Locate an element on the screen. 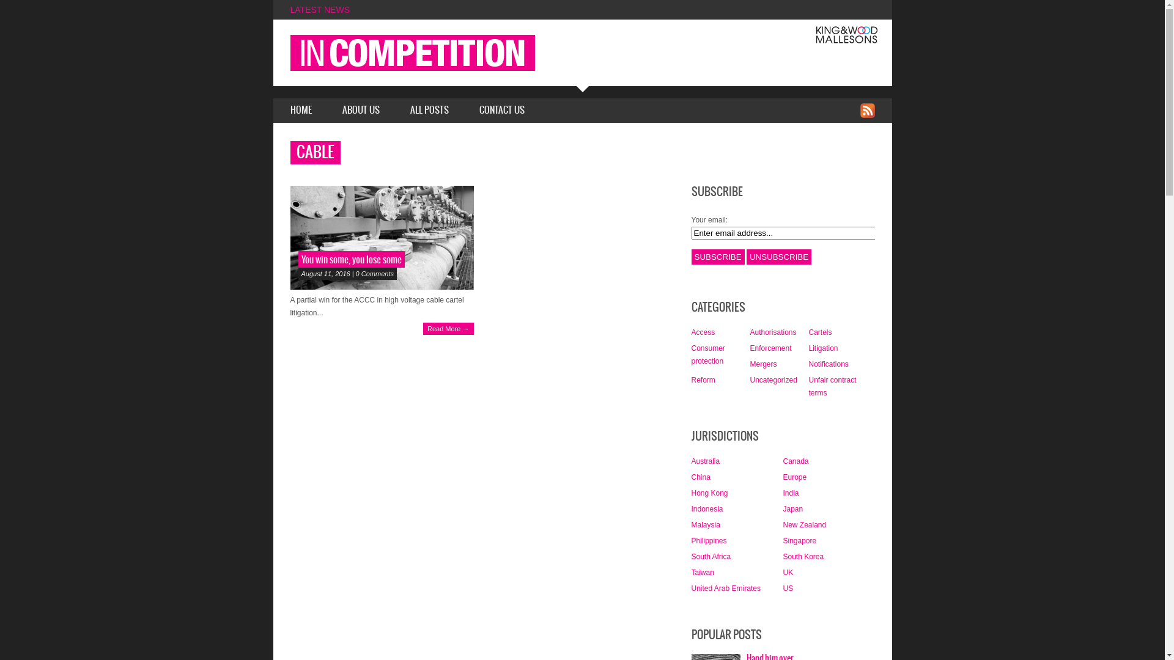  'Cartels' is located at coordinates (819, 332).